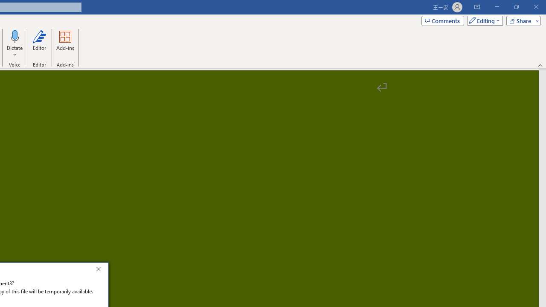  I want to click on 'Ribbon Display Options', so click(476, 7).